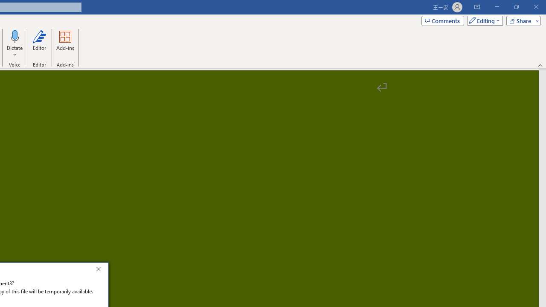  I want to click on 'Ribbon Display Options', so click(476, 7).